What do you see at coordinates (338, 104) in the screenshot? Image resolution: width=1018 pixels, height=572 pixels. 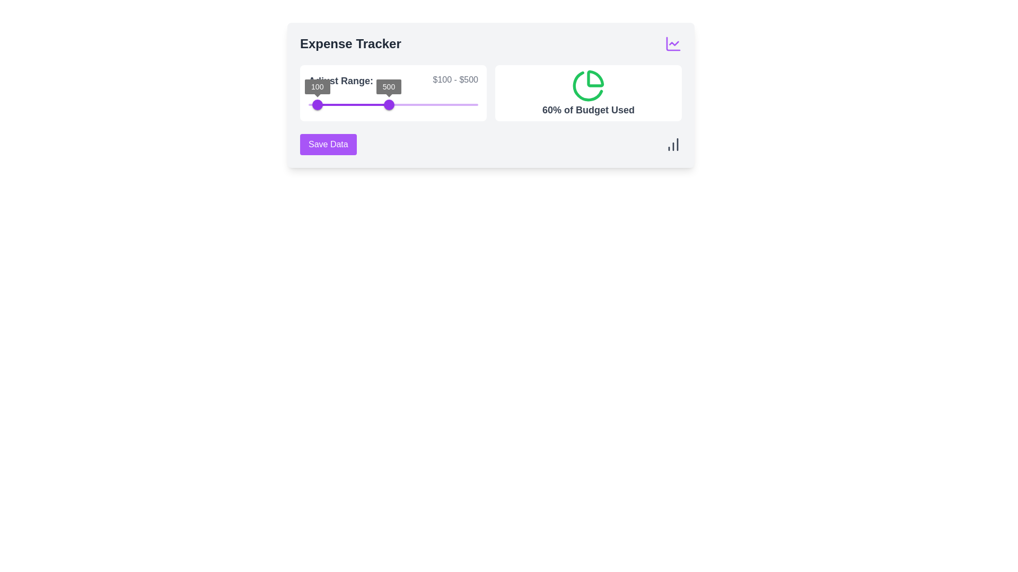 I see `the slider` at bounding box center [338, 104].